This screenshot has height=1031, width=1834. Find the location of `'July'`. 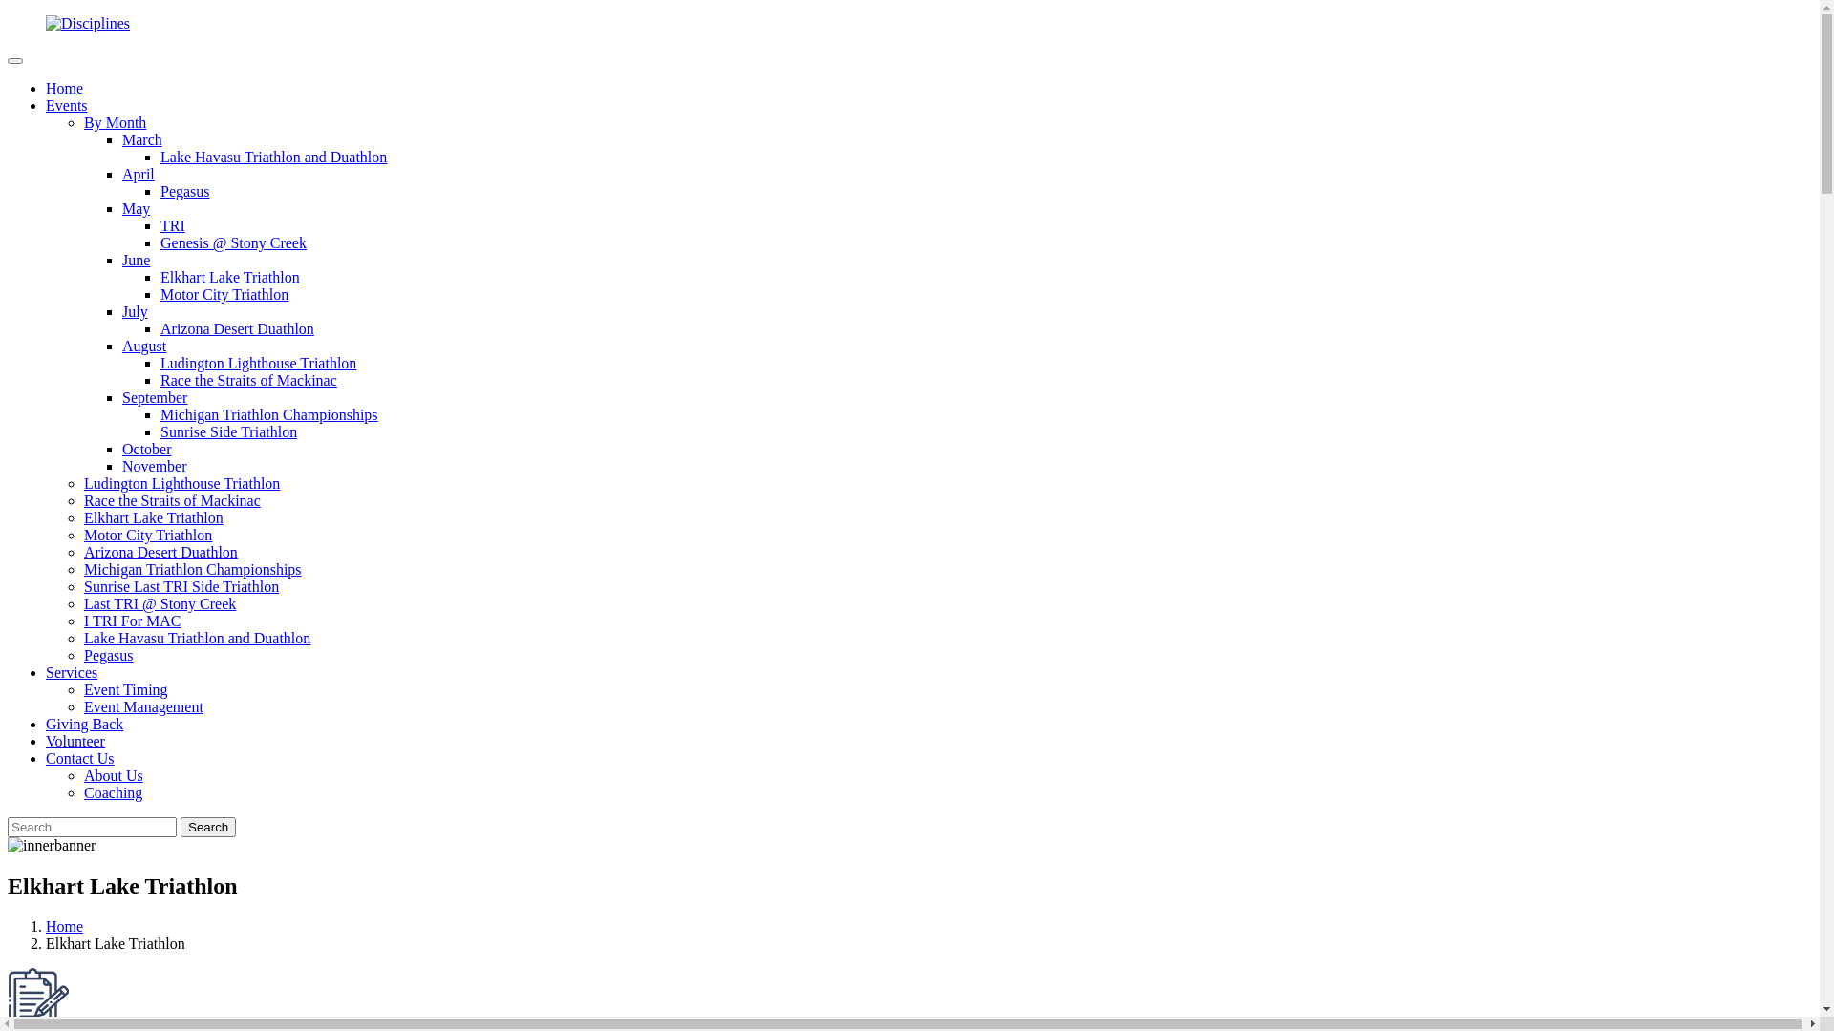

'July' is located at coordinates (134, 310).